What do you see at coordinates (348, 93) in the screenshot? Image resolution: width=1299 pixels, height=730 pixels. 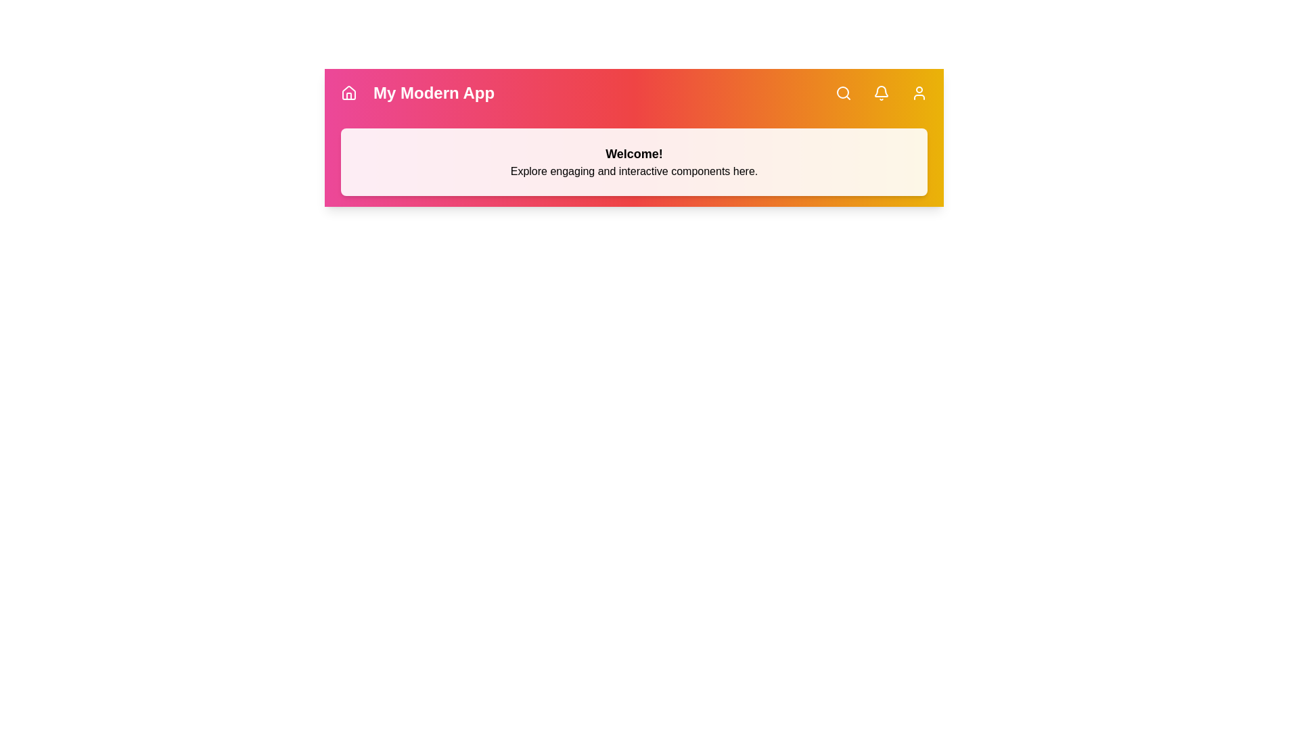 I see `the button labeled Home to observe visual feedback` at bounding box center [348, 93].